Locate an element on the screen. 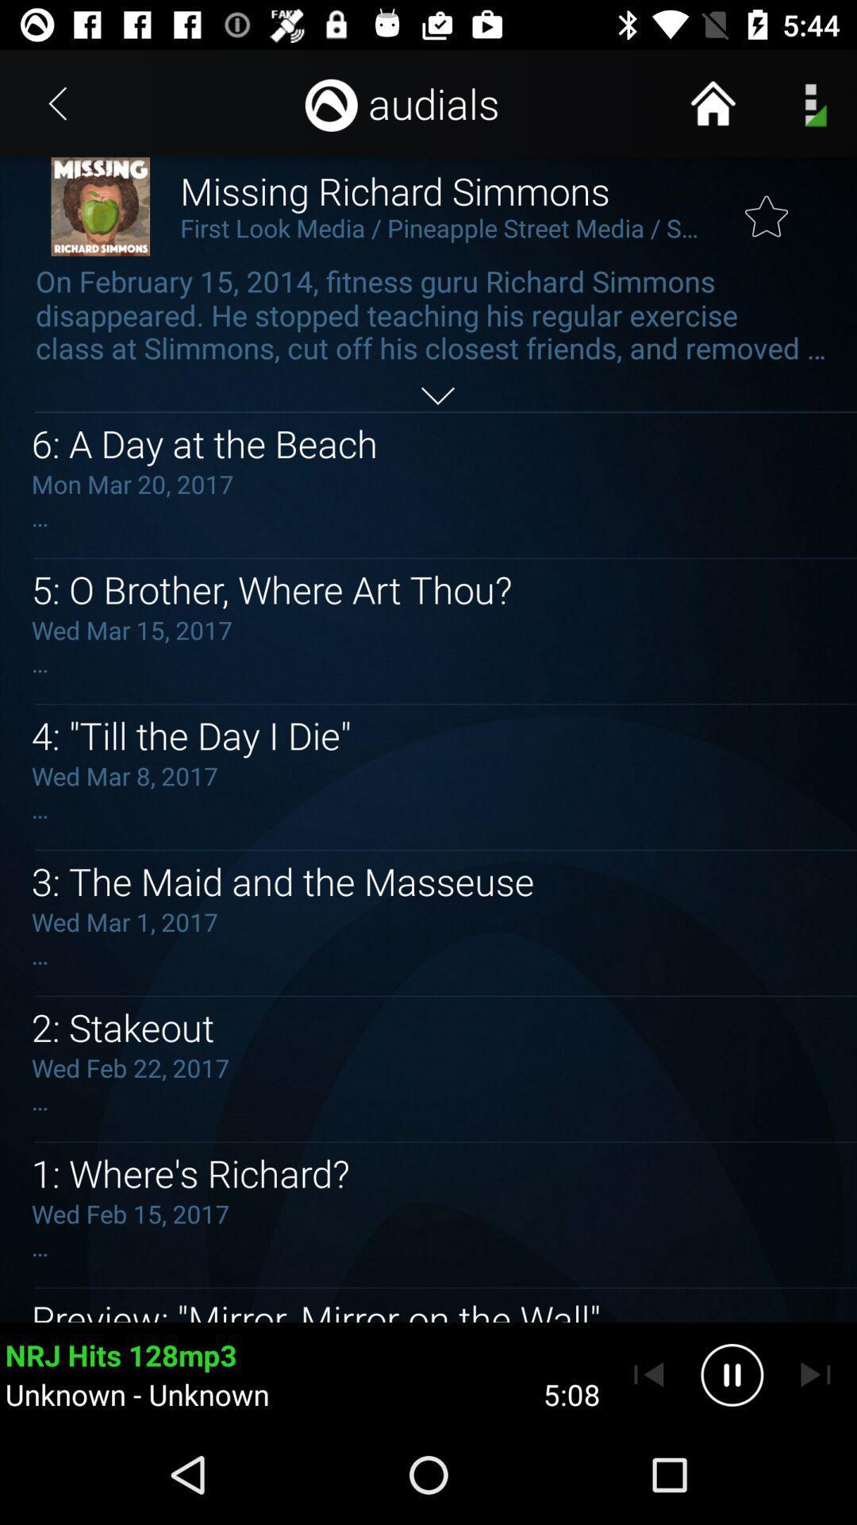 The width and height of the screenshot is (857, 1525). homepage is located at coordinates (712, 102).